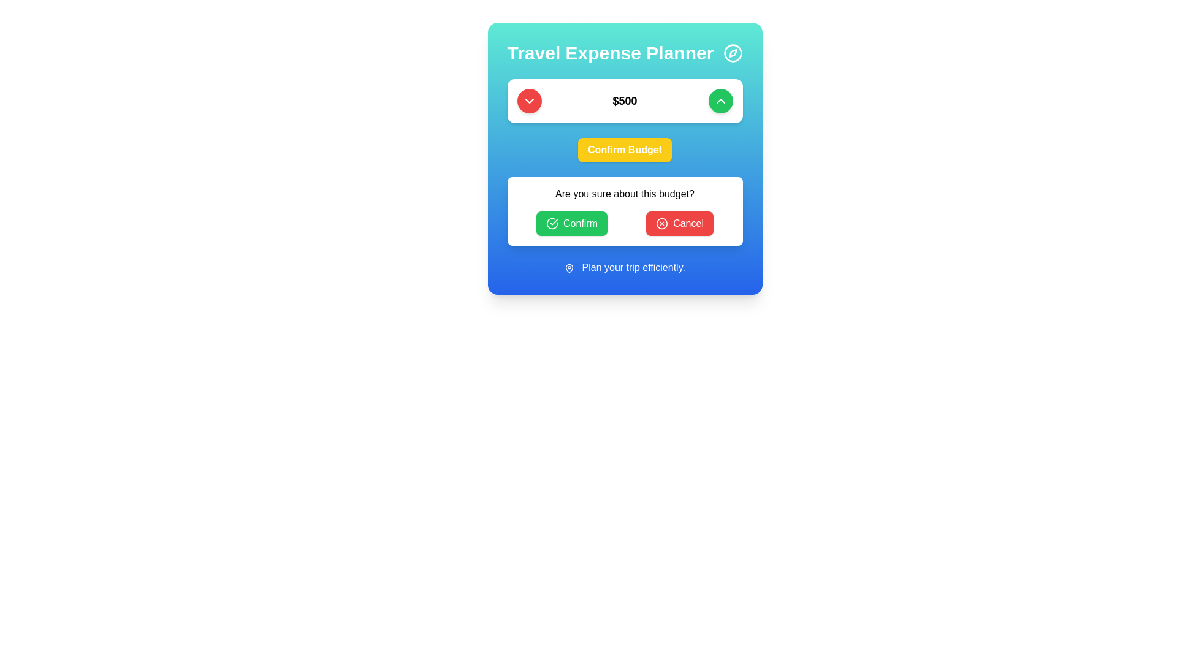  Describe the element at coordinates (625, 224) in the screenshot. I see `the 'Cancel' button in the button group located at the bottom of the modal window` at that location.